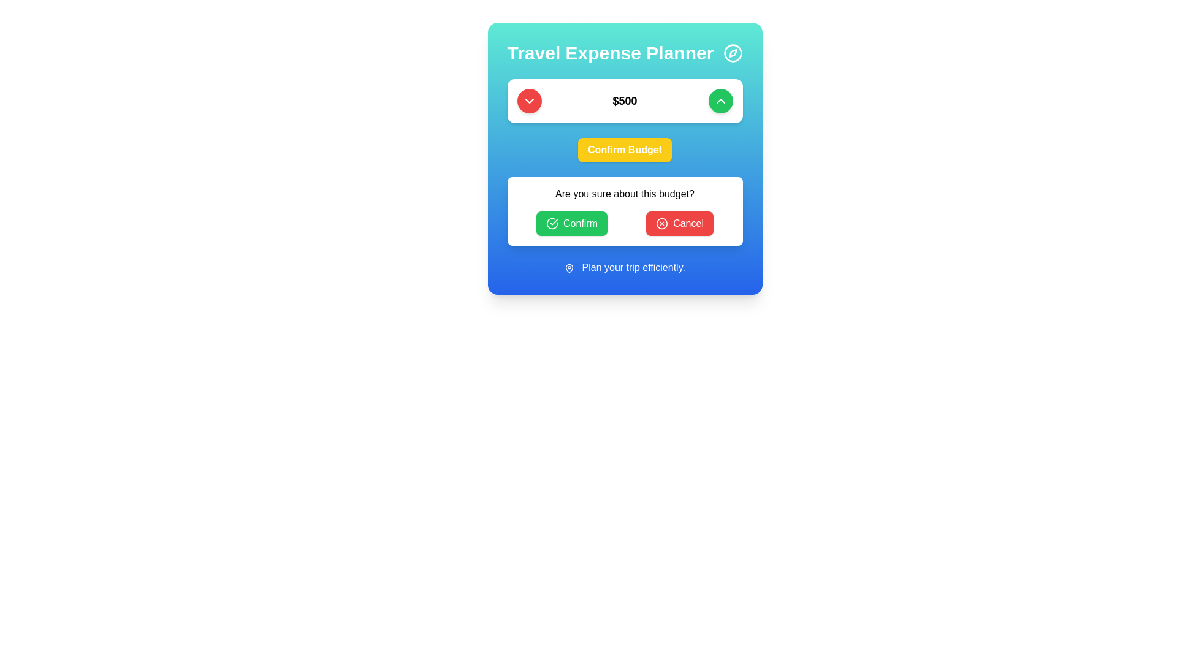  Describe the element at coordinates (625, 224) in the screenshot. I see `the 'Cancel' button in the button group located at the bottom of the modal window` at that location.